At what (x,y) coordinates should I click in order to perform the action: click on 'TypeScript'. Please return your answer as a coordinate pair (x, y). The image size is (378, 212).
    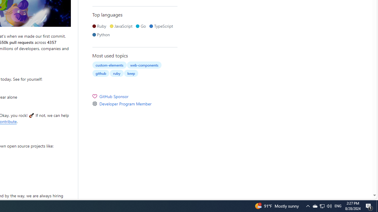
    Looking at the image, I should click on (162, 26).